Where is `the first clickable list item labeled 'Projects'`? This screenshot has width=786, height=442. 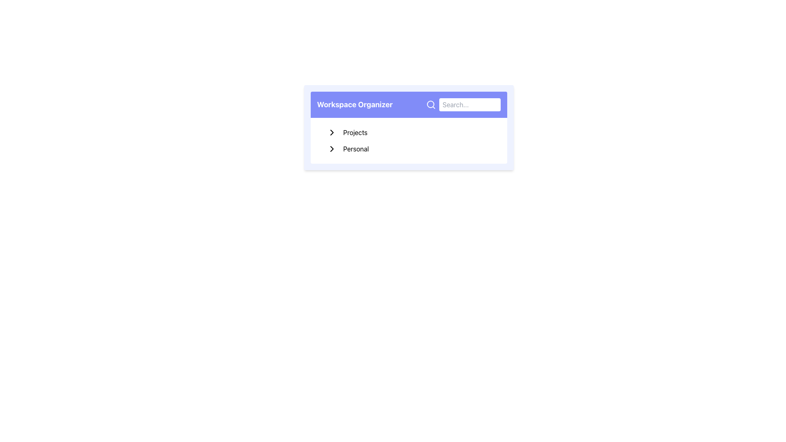
the first clickable list item labeled 'Projects' is located at coordinates (412, 132).